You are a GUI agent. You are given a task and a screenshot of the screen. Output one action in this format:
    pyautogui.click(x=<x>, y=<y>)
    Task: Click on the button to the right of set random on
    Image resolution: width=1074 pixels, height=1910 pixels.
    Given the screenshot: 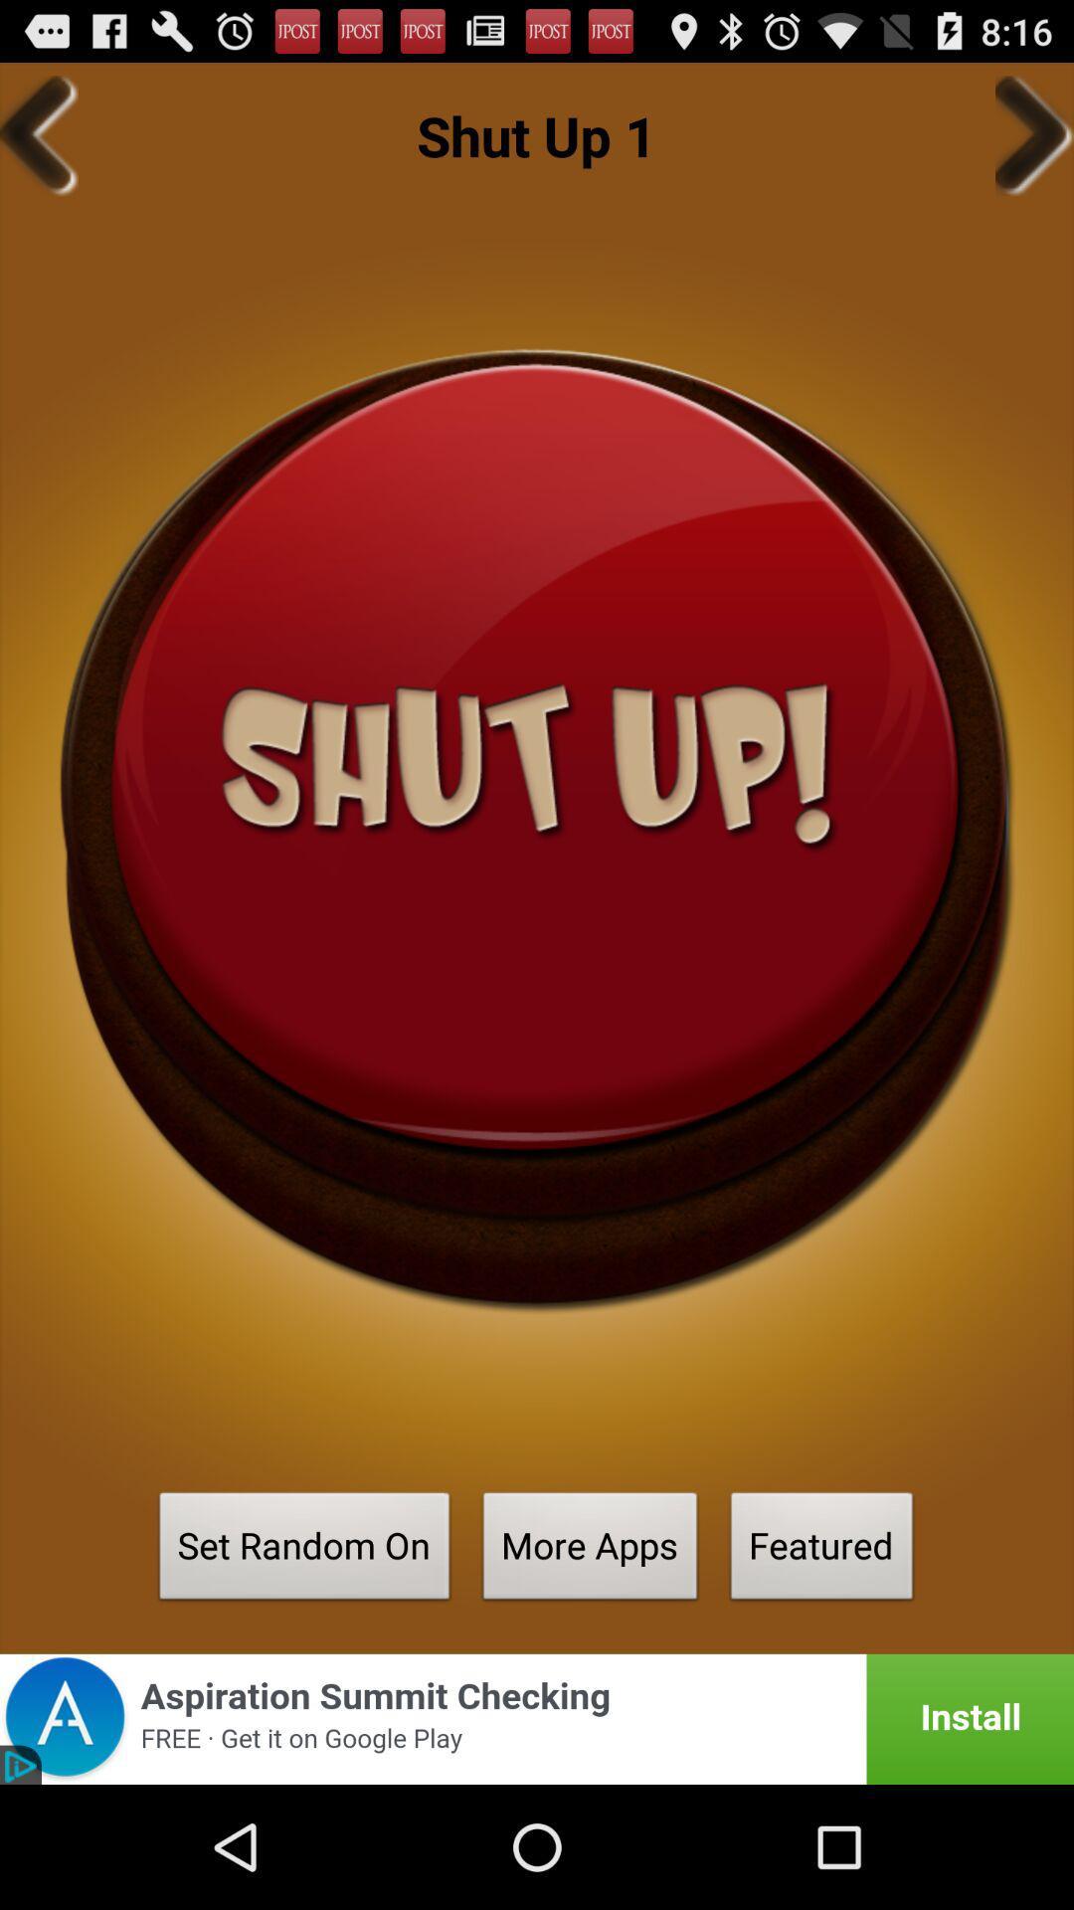 What is the action you would take?
    pyautogui.click(x=590, y=1551)
    